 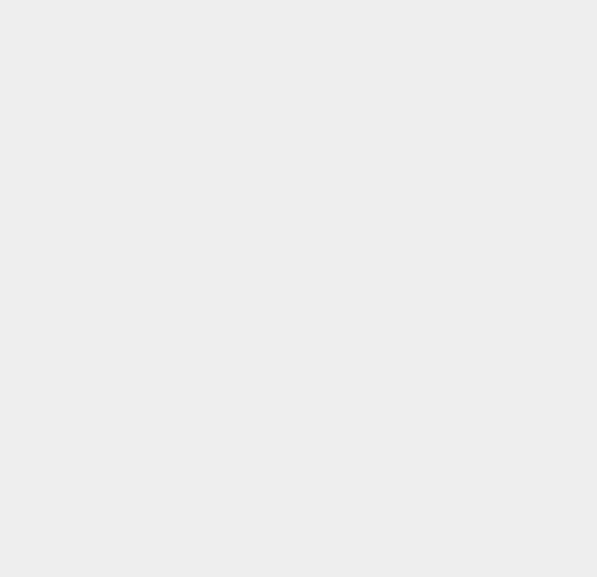 What do you see at coordinates (427, 147) in the screenshot?
I see `'LG'` at bounding box center [427, 147].